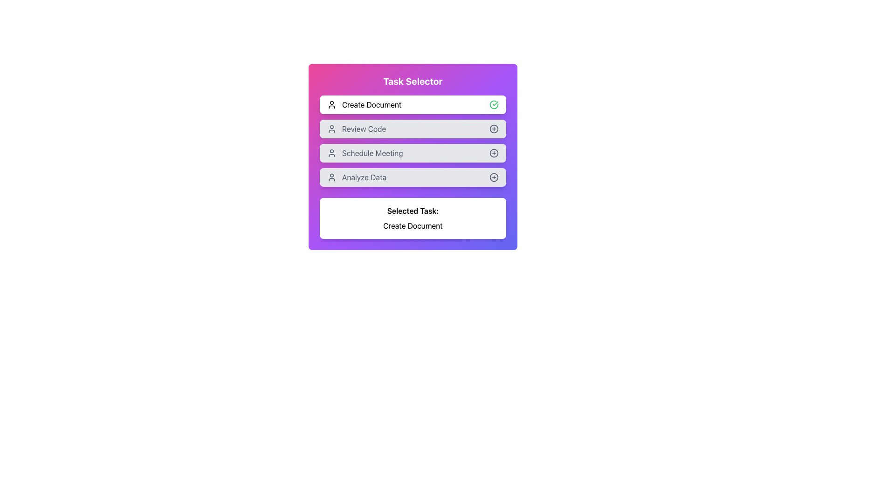  Describe the element at coordinates (356, 177) in the screenshot. I see `the 'Analyze Data' list item in the Task Selector` at that location.